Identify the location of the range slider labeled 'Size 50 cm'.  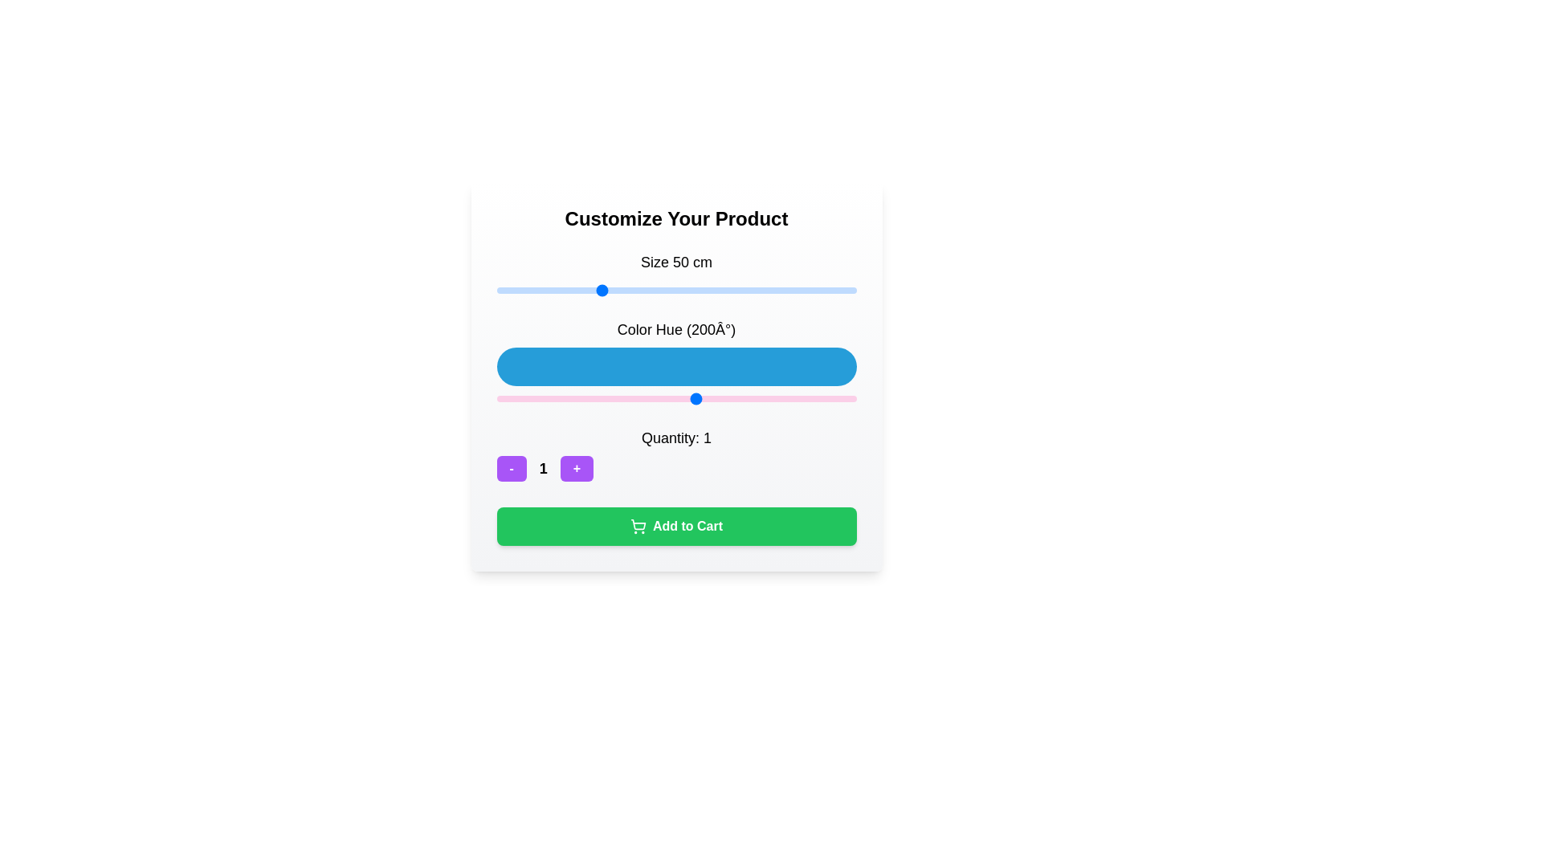
(676, 275).